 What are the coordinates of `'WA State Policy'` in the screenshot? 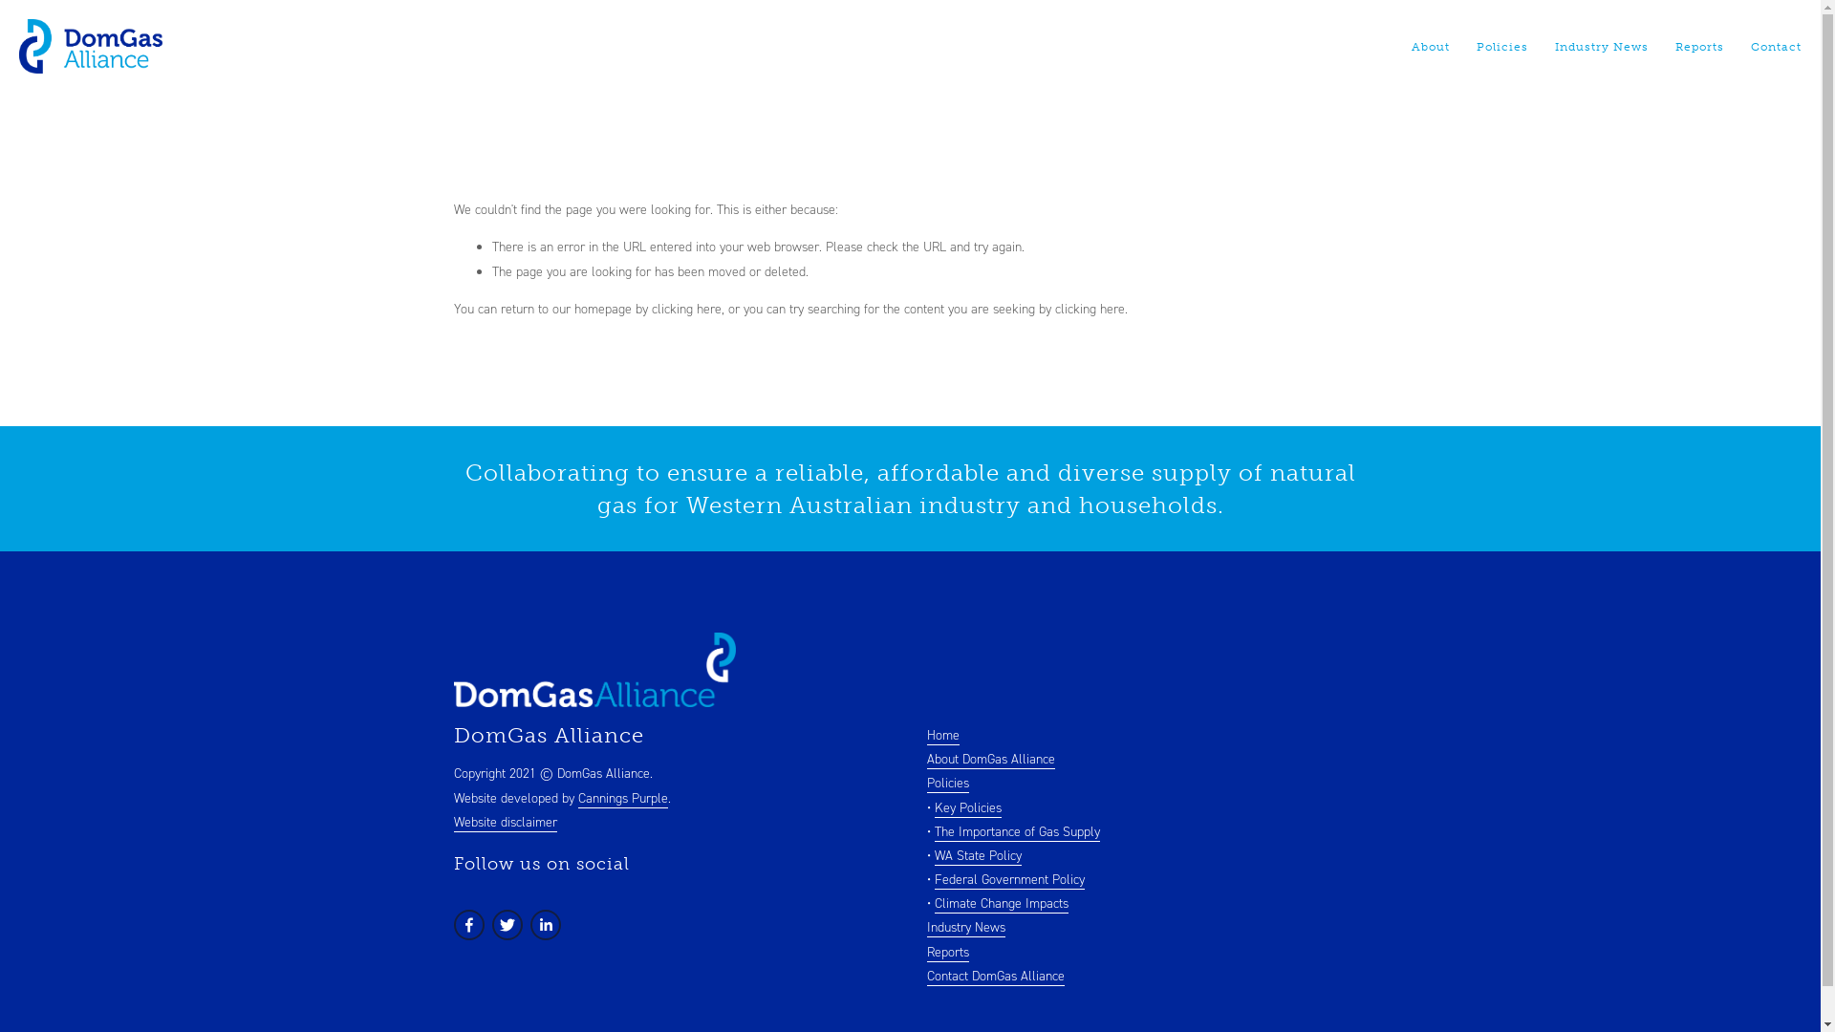 It's located at (935, 854).